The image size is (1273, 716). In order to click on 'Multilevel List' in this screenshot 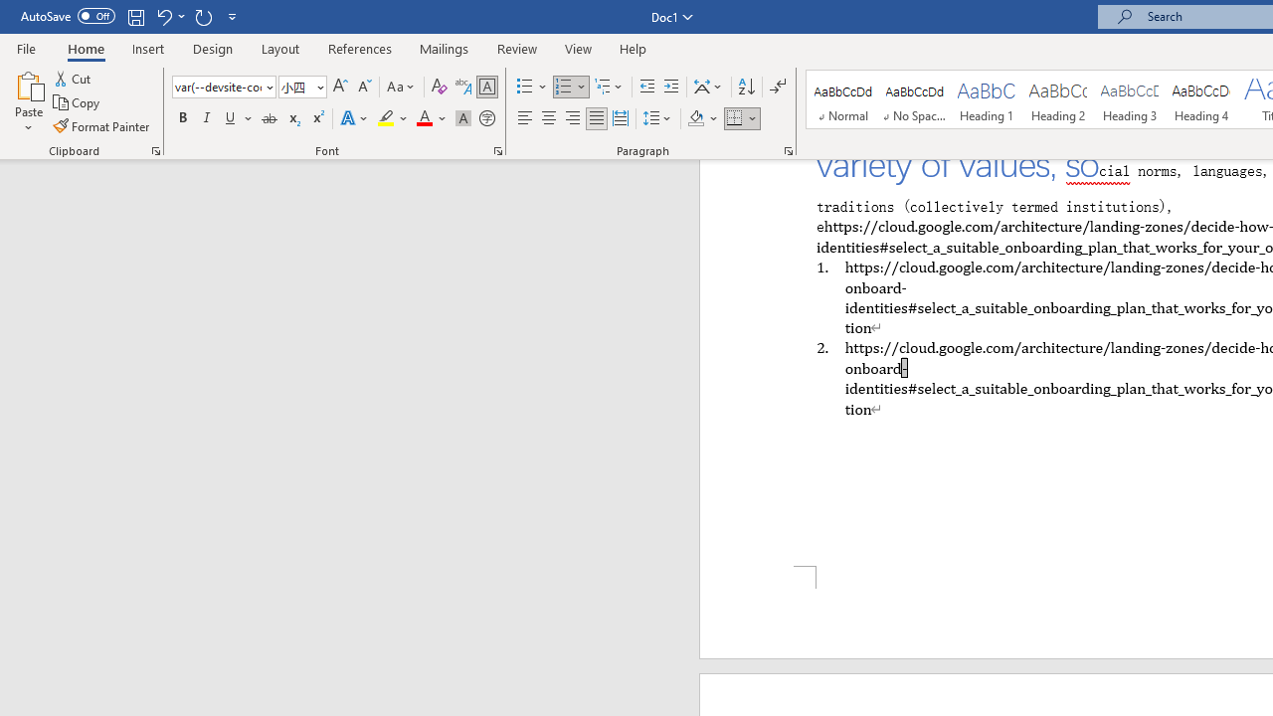, I will do `click(609, 86)`.